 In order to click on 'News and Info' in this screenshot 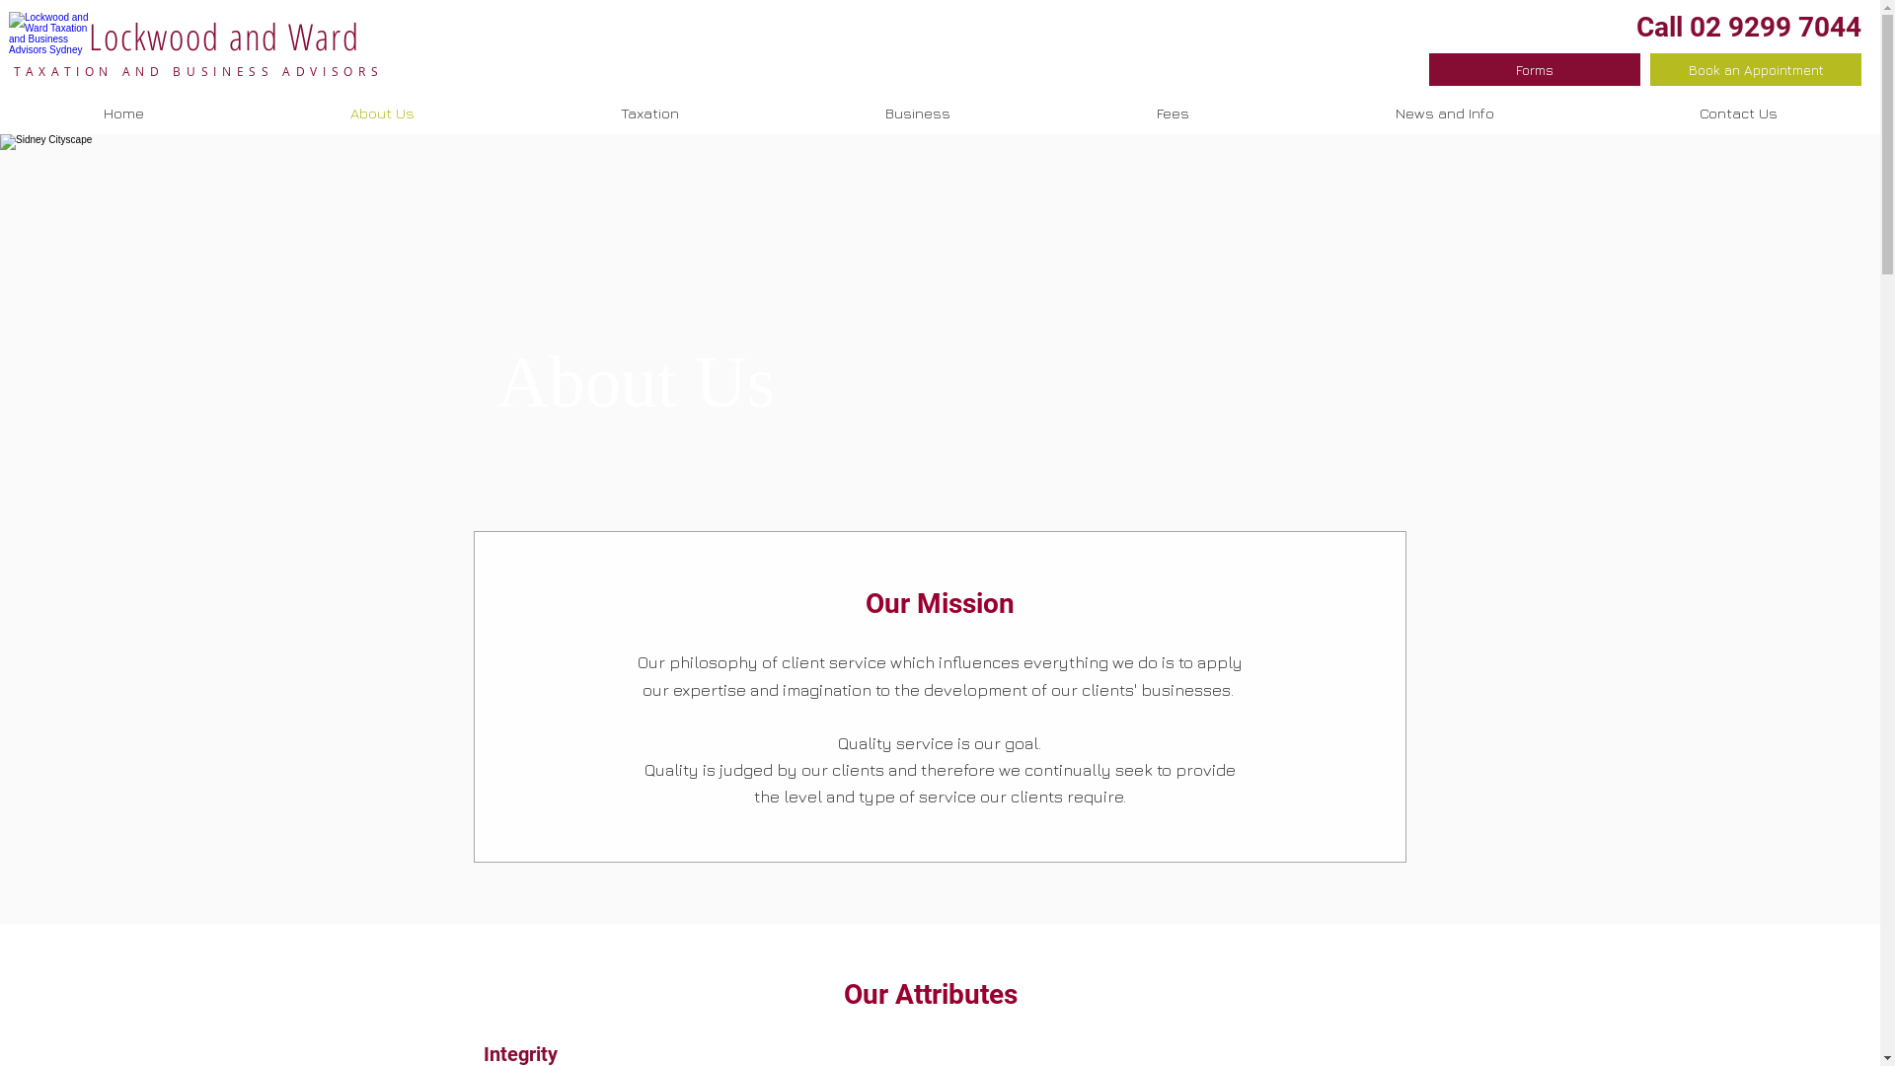, I will do `click(1444, 114)`.